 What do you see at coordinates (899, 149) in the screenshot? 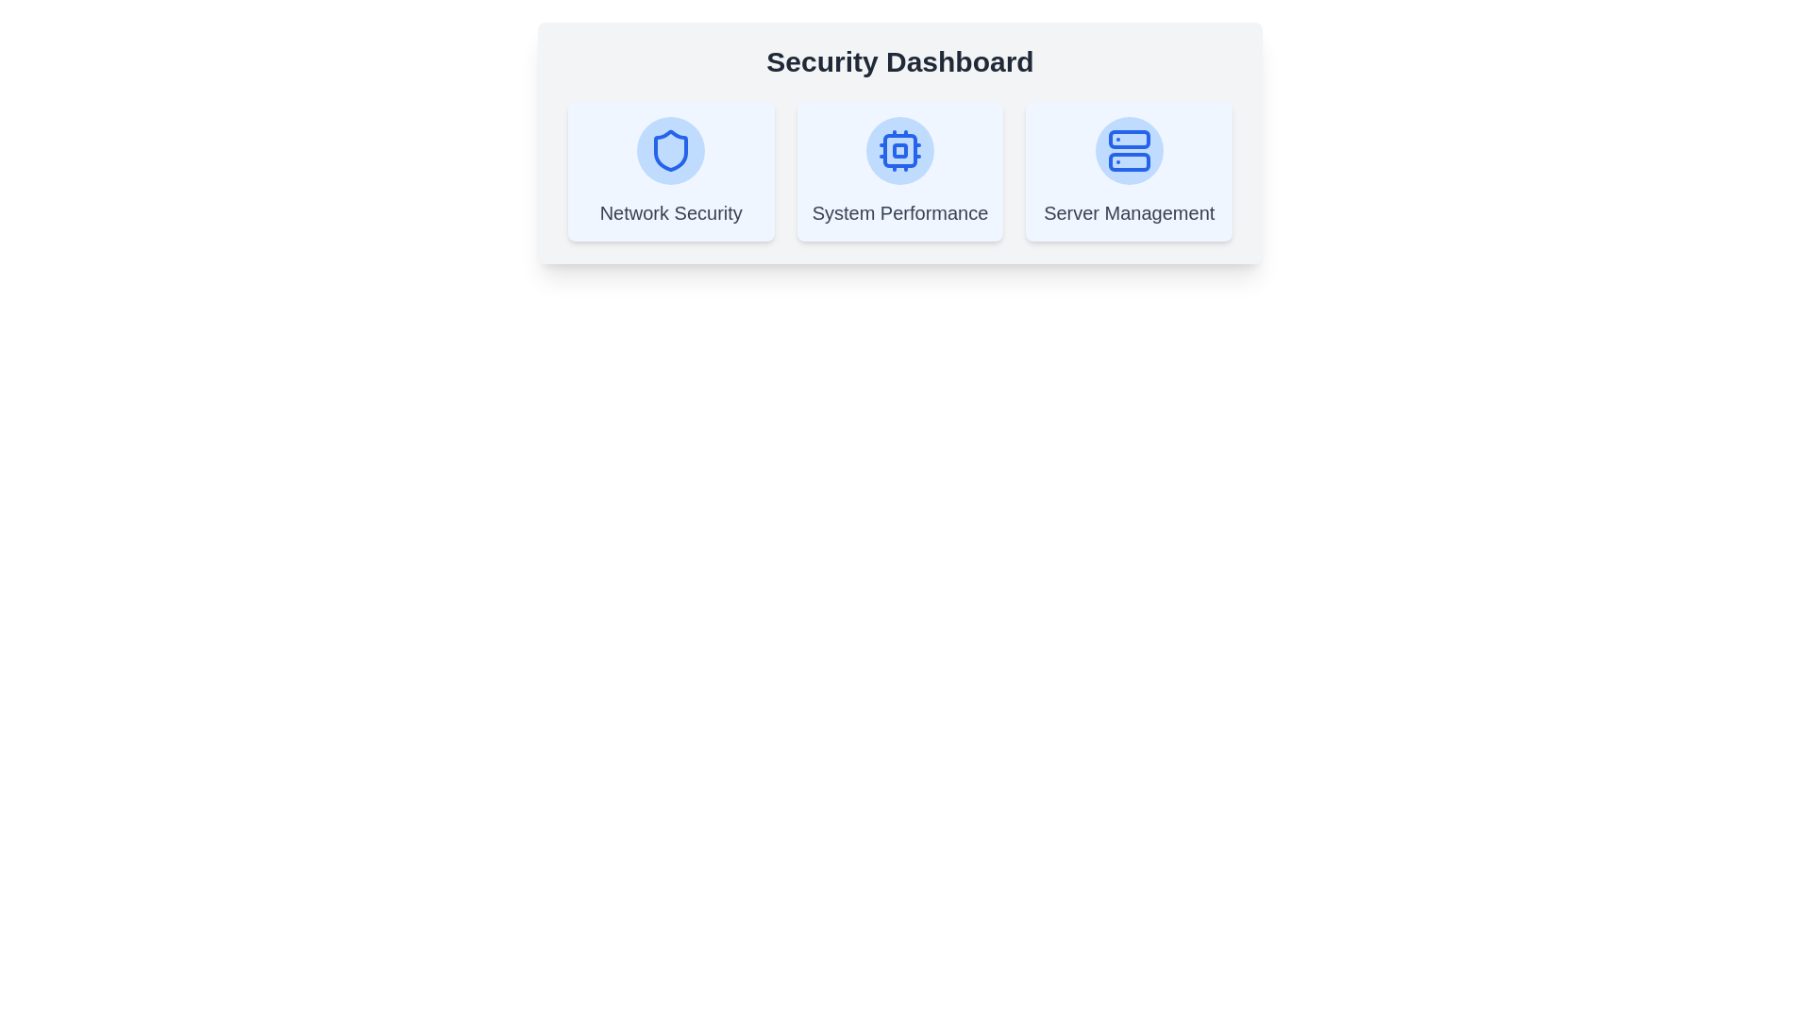
I see `the Icon representing the System Performance section, located in the center tile of a three-tile row, below the 'System Performance' label` at bounding box center [899, 149].